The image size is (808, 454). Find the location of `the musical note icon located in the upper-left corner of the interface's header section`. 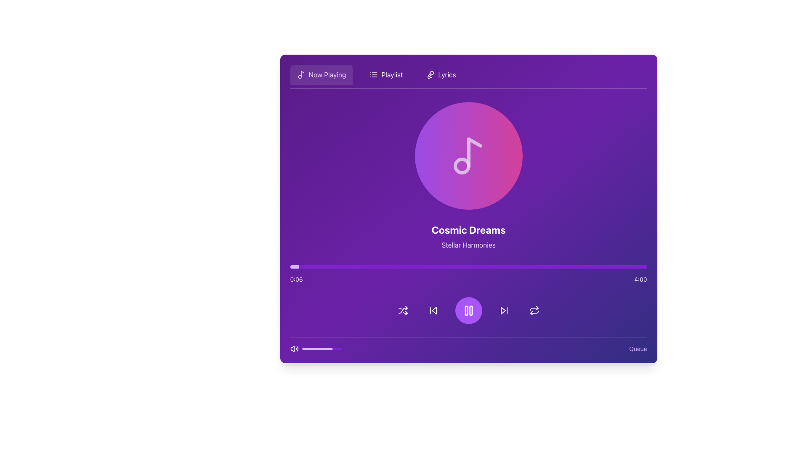

the musical note icon located in the upper-left corner of the interface's header section is located at coordinates (301, 74).